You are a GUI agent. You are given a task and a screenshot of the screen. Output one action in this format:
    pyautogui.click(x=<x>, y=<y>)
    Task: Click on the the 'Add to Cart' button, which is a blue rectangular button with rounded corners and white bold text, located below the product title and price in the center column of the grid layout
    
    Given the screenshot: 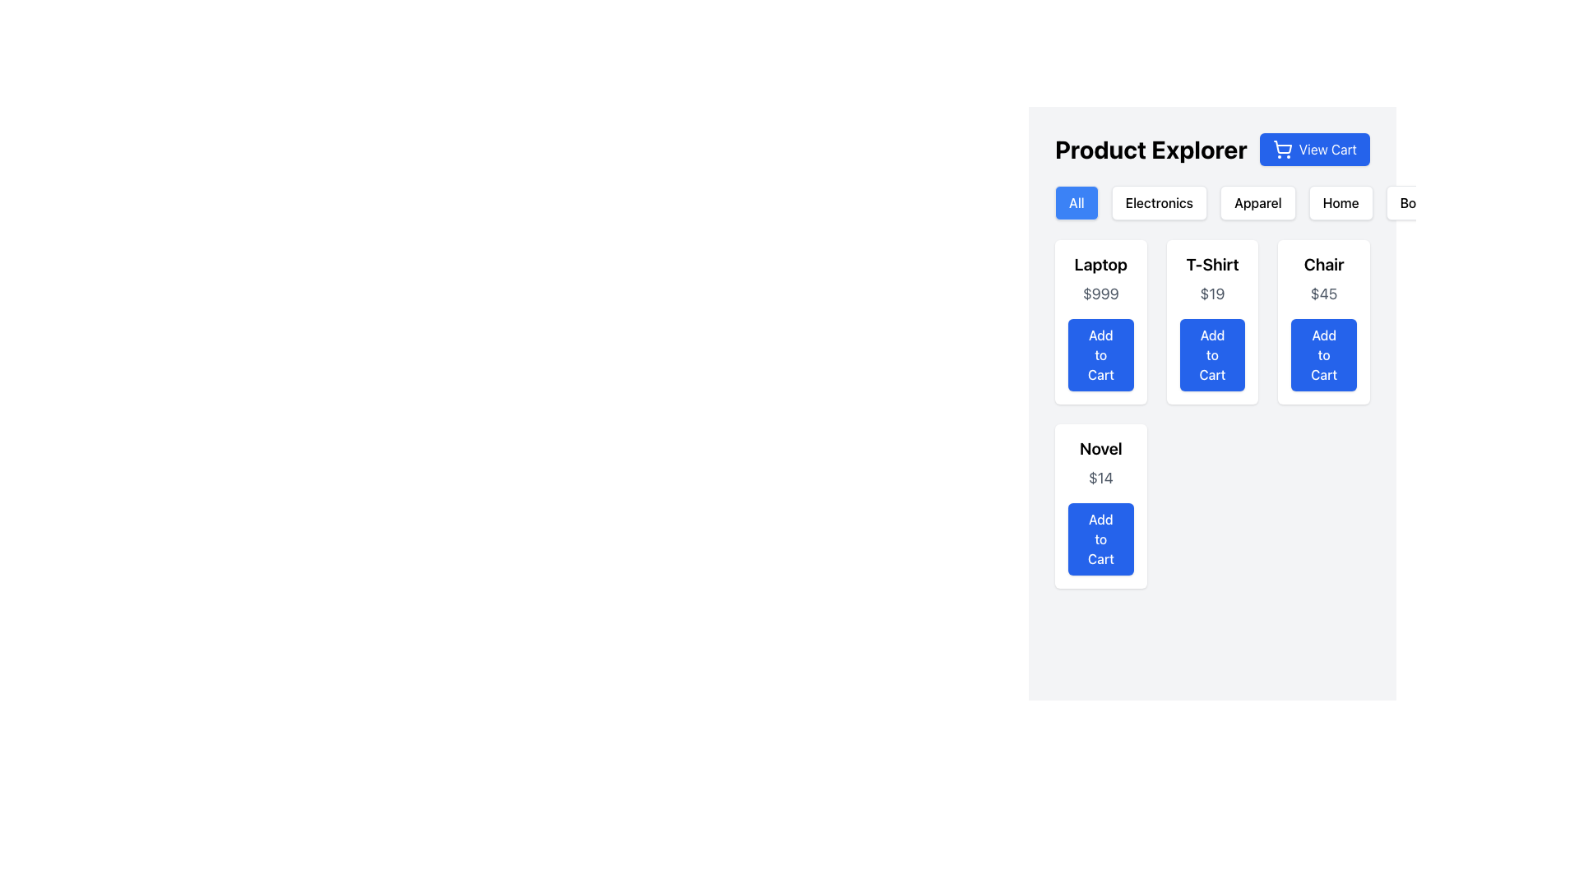 What is the action you would take?
    pyautogui.click(x=1211, y=354)
    